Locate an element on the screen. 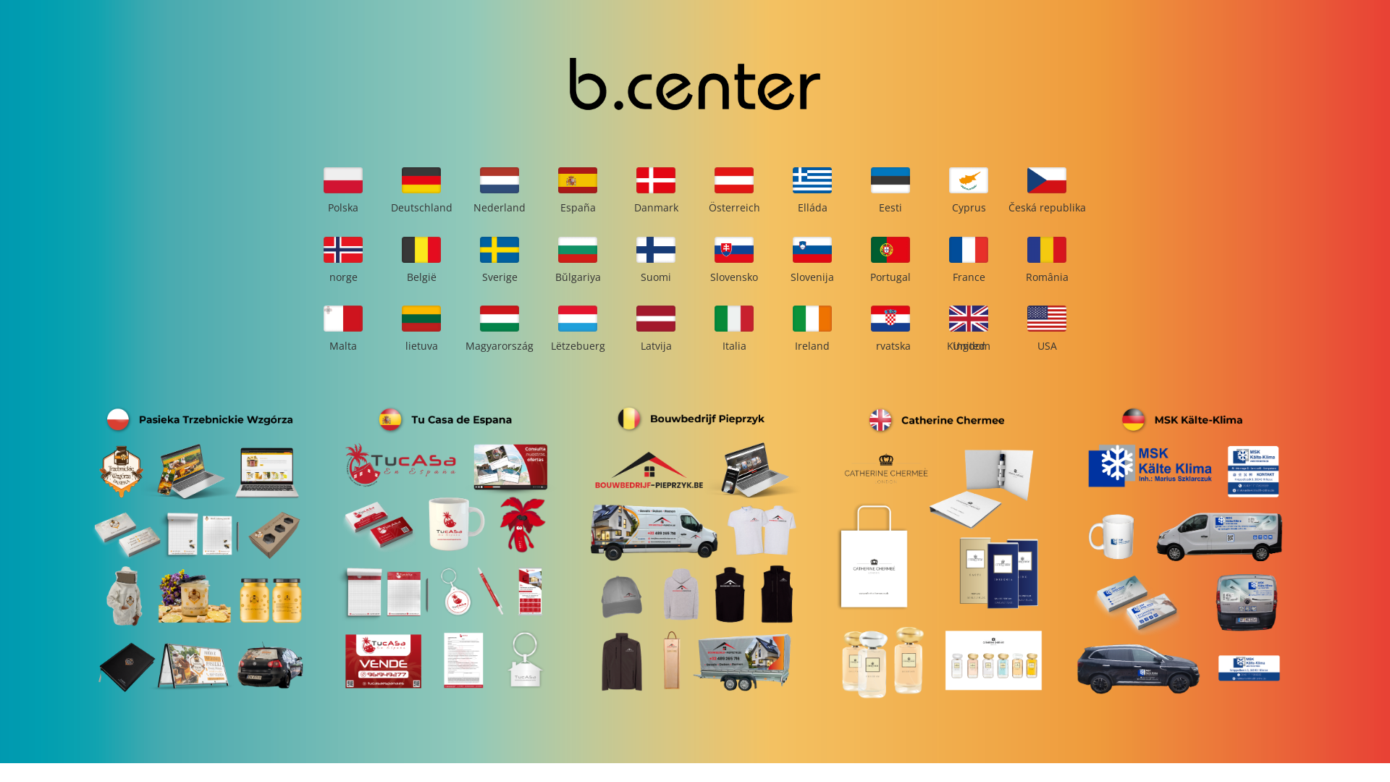 The image size is (1390, 782). 'Eesti' is located at coordinates (889, 207).